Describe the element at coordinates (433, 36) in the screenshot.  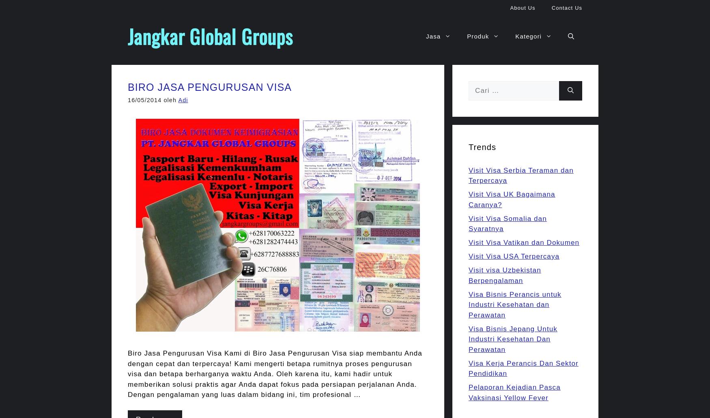
I see `'Jasa'` at that location.